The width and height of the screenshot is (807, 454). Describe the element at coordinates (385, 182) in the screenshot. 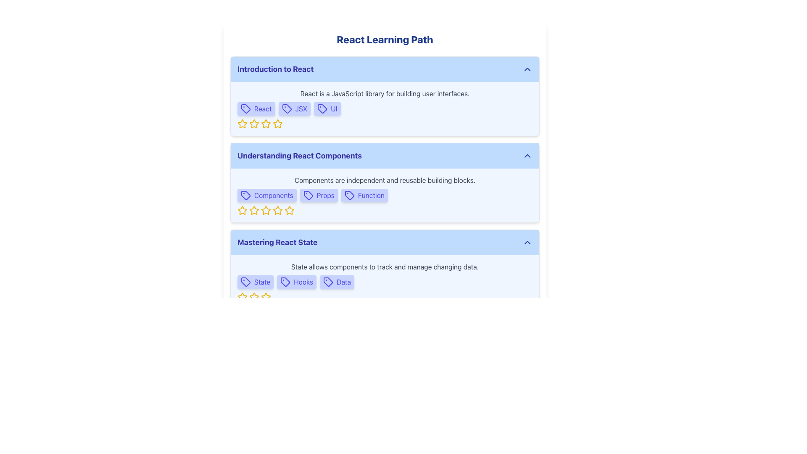

I see `the informational content box that presents educational content about React components, located between the 'Introduction to React' and 'Mastering React State' sections` at that location.